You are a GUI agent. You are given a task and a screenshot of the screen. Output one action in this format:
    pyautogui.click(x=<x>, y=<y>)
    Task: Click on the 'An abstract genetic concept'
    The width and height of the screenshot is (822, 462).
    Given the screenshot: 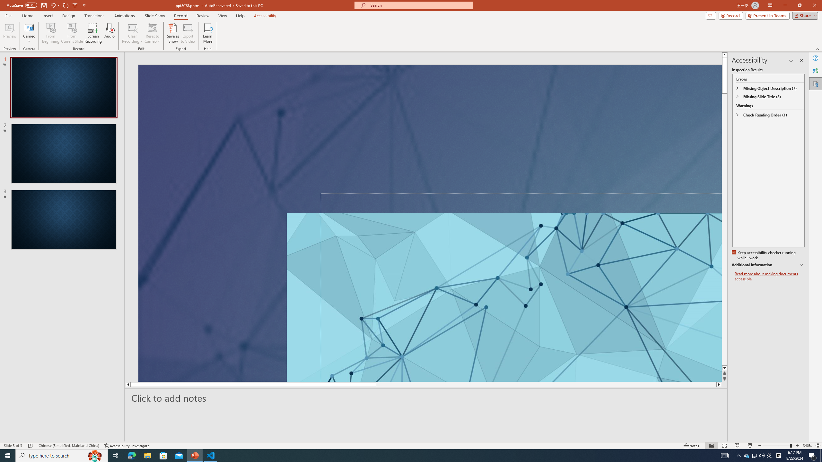 What is the action you would take?
    pyautogui.click(x=429, y=223)
    